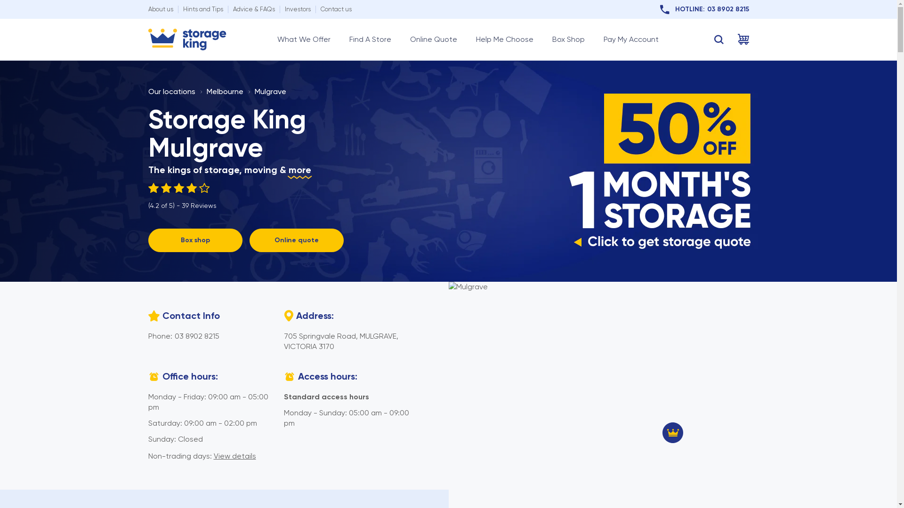 Image resolution: width=904 pixels, height=508 pixels. Describe the element at coordinates (631, 39) in the screenshot. I see `'Pay My Account'` at that location.